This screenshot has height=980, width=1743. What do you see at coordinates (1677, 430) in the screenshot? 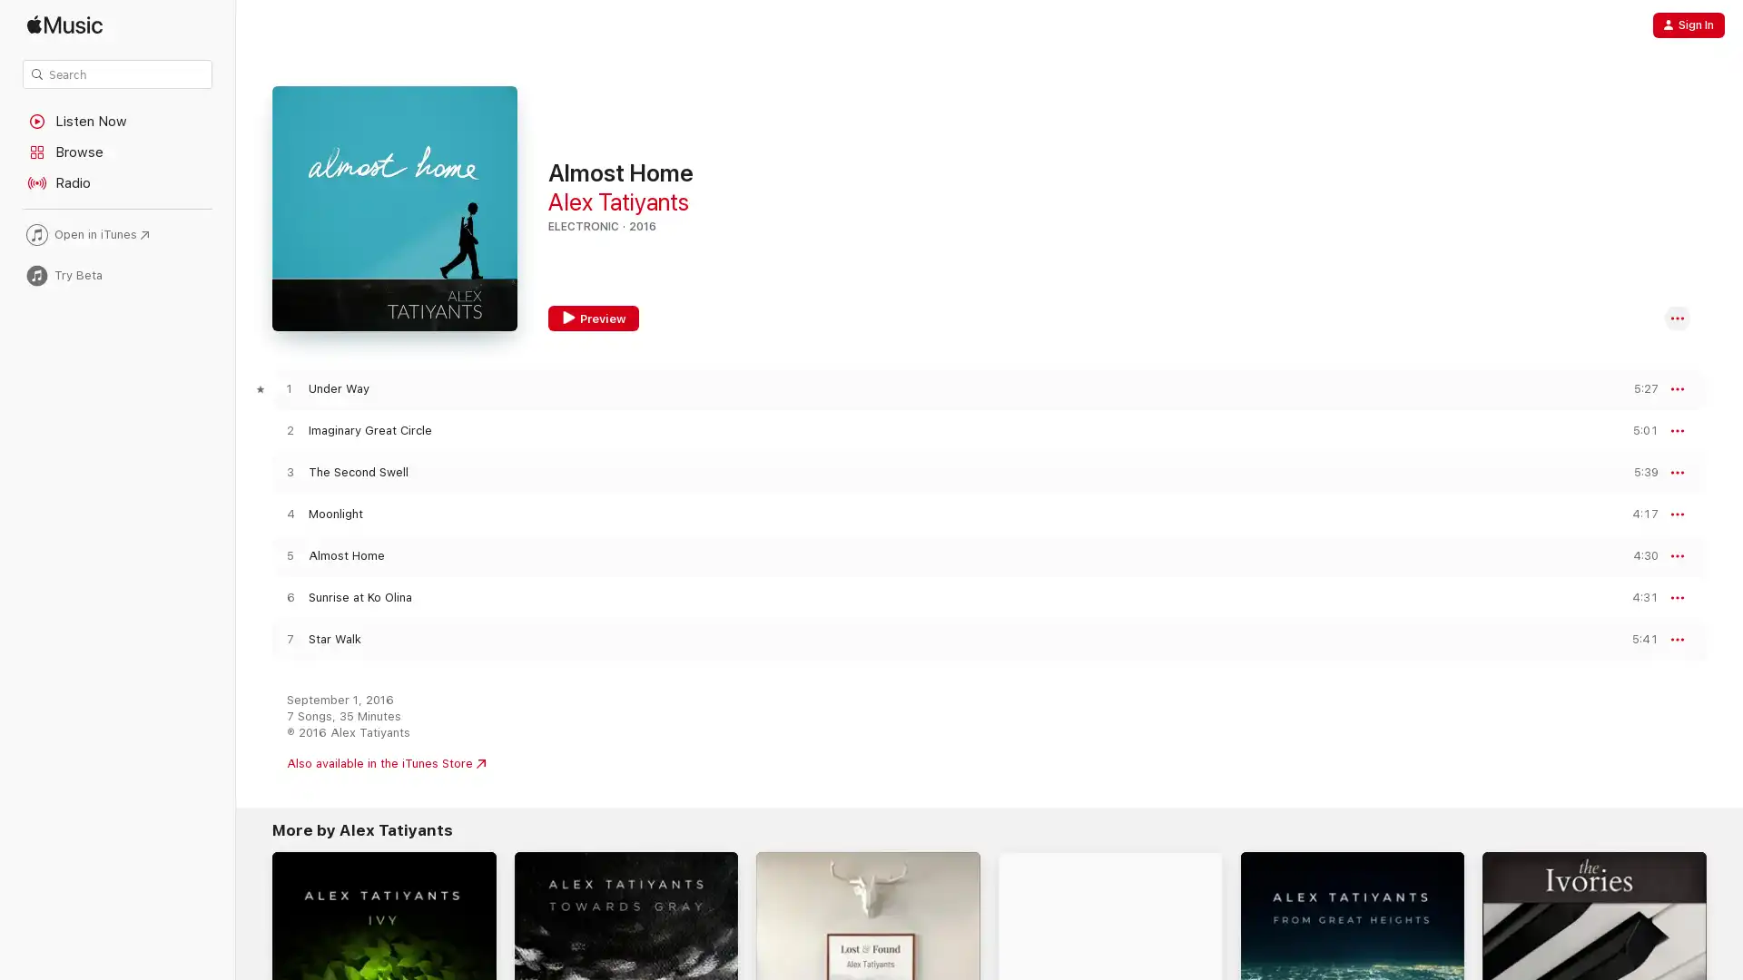
I see `More` at bounding box center [1677, 430].